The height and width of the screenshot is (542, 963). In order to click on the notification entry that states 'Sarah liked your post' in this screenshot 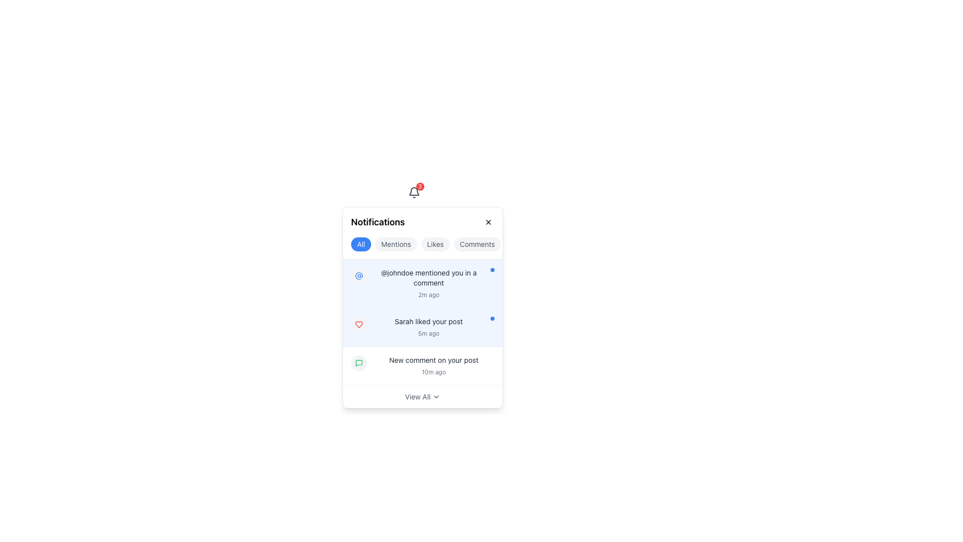, I will do `click(428, 327)`.